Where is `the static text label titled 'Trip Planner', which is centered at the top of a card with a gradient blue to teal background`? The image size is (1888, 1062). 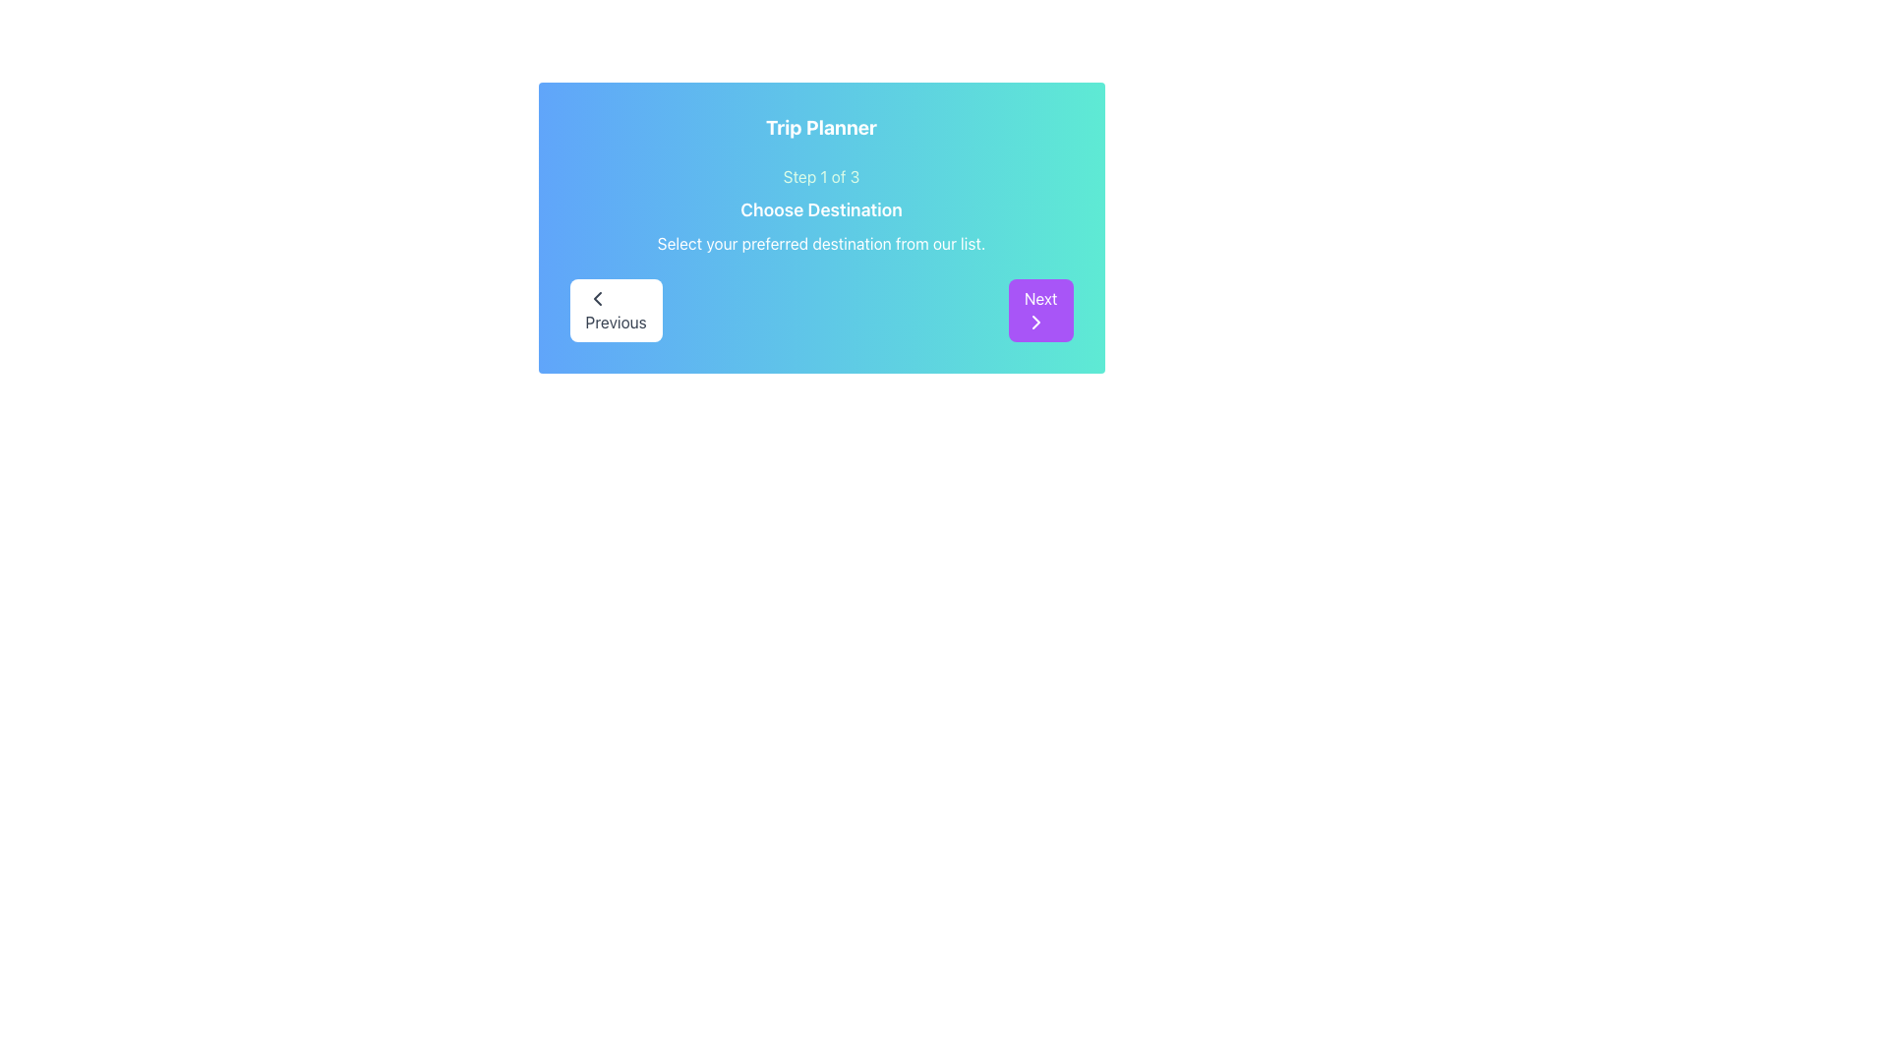 the static text label titled 'Trip Planner', which is centered at the top of a card with a gradient blue to teal background is located at coordinates (821, 128).